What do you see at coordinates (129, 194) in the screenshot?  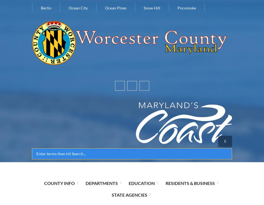 I see `'State Agencies'` at bounding box center [129, 194].